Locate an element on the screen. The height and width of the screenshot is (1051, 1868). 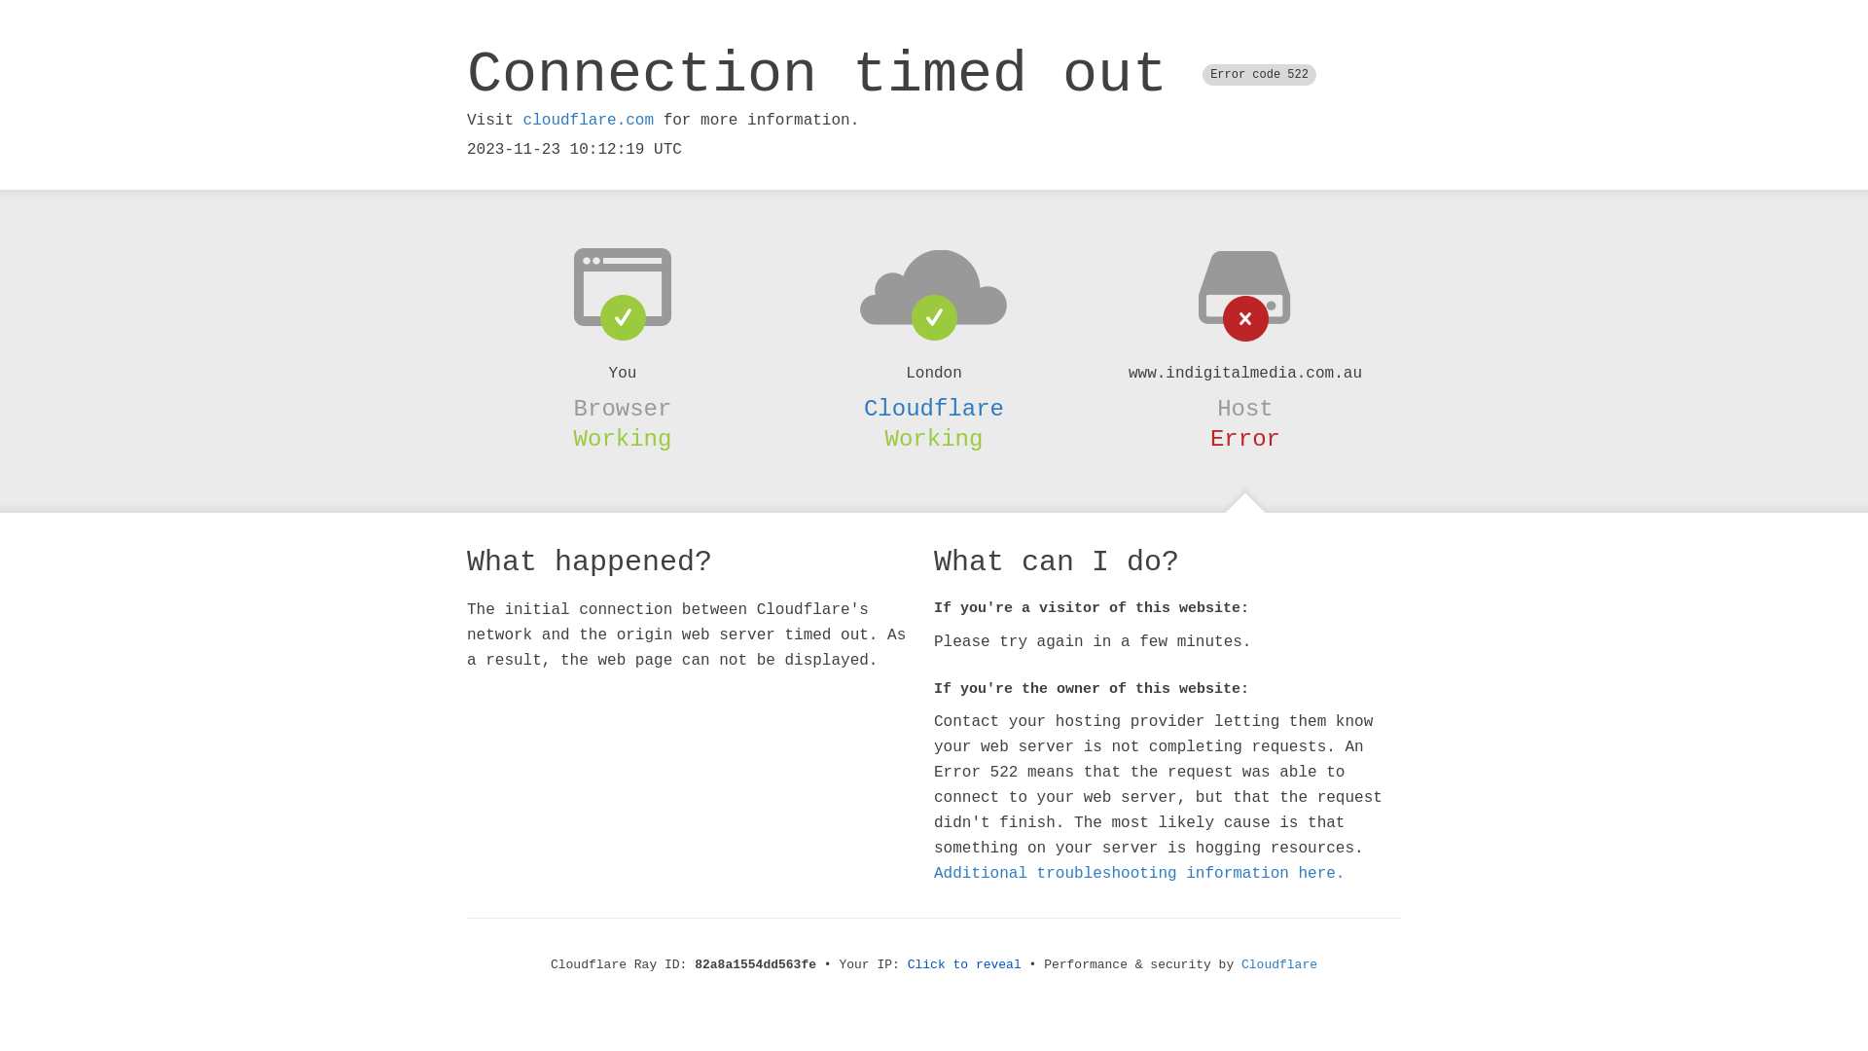
'Additional troubleshooting information here.' is located at coordinates (1139, 873).